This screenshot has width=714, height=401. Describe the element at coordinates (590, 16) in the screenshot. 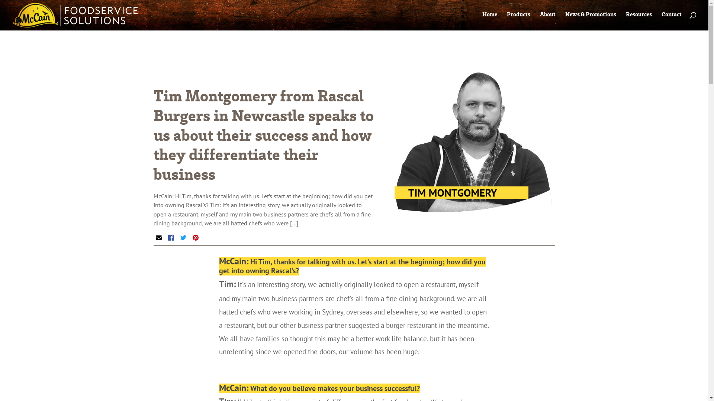

I see `'News & Promotions'` at that location.